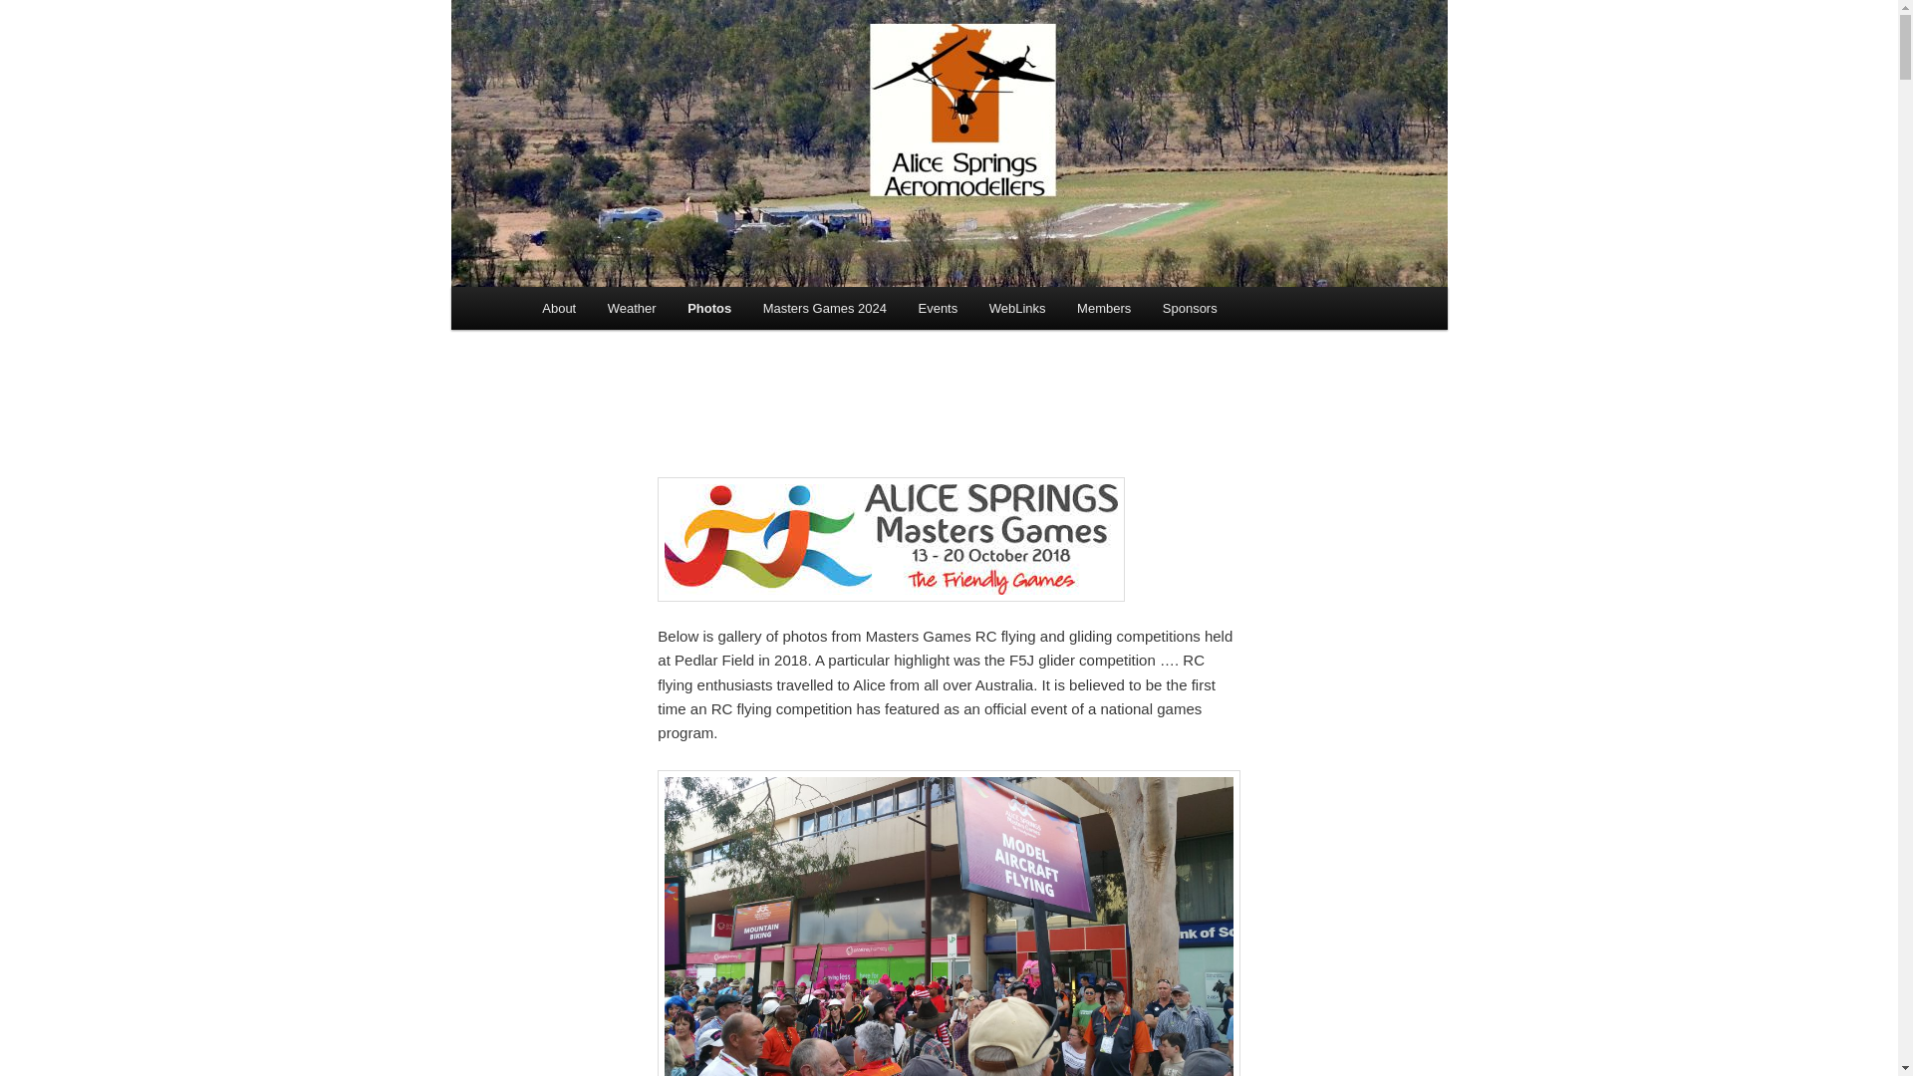  Describe the element at coordinates (825, 308) in the screenshot. I see `'Masters Games 2024'` at that location.